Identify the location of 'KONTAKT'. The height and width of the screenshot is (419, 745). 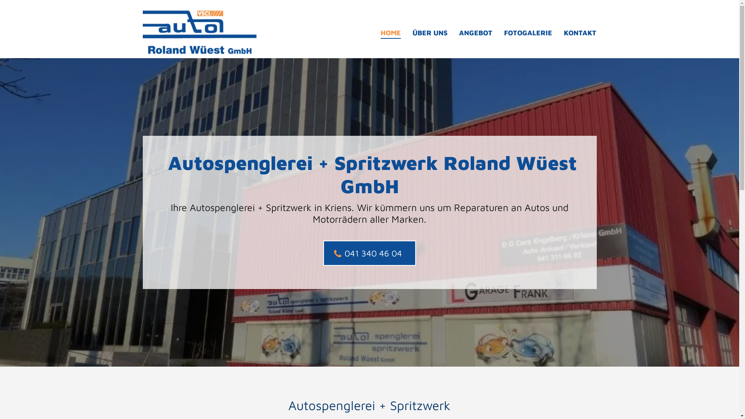
(580, 31).